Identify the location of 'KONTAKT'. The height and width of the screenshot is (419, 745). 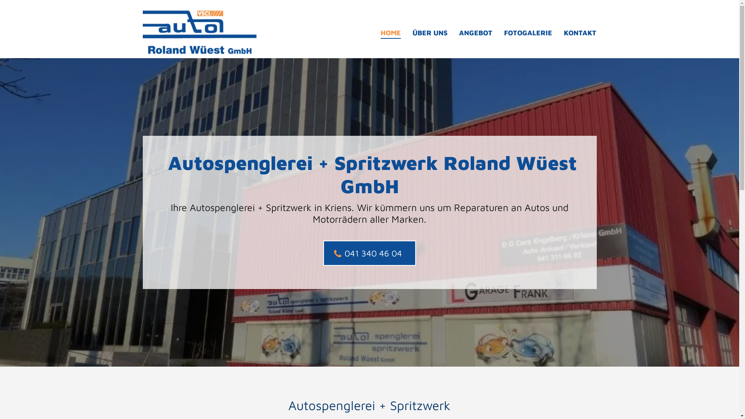
(580, 31).